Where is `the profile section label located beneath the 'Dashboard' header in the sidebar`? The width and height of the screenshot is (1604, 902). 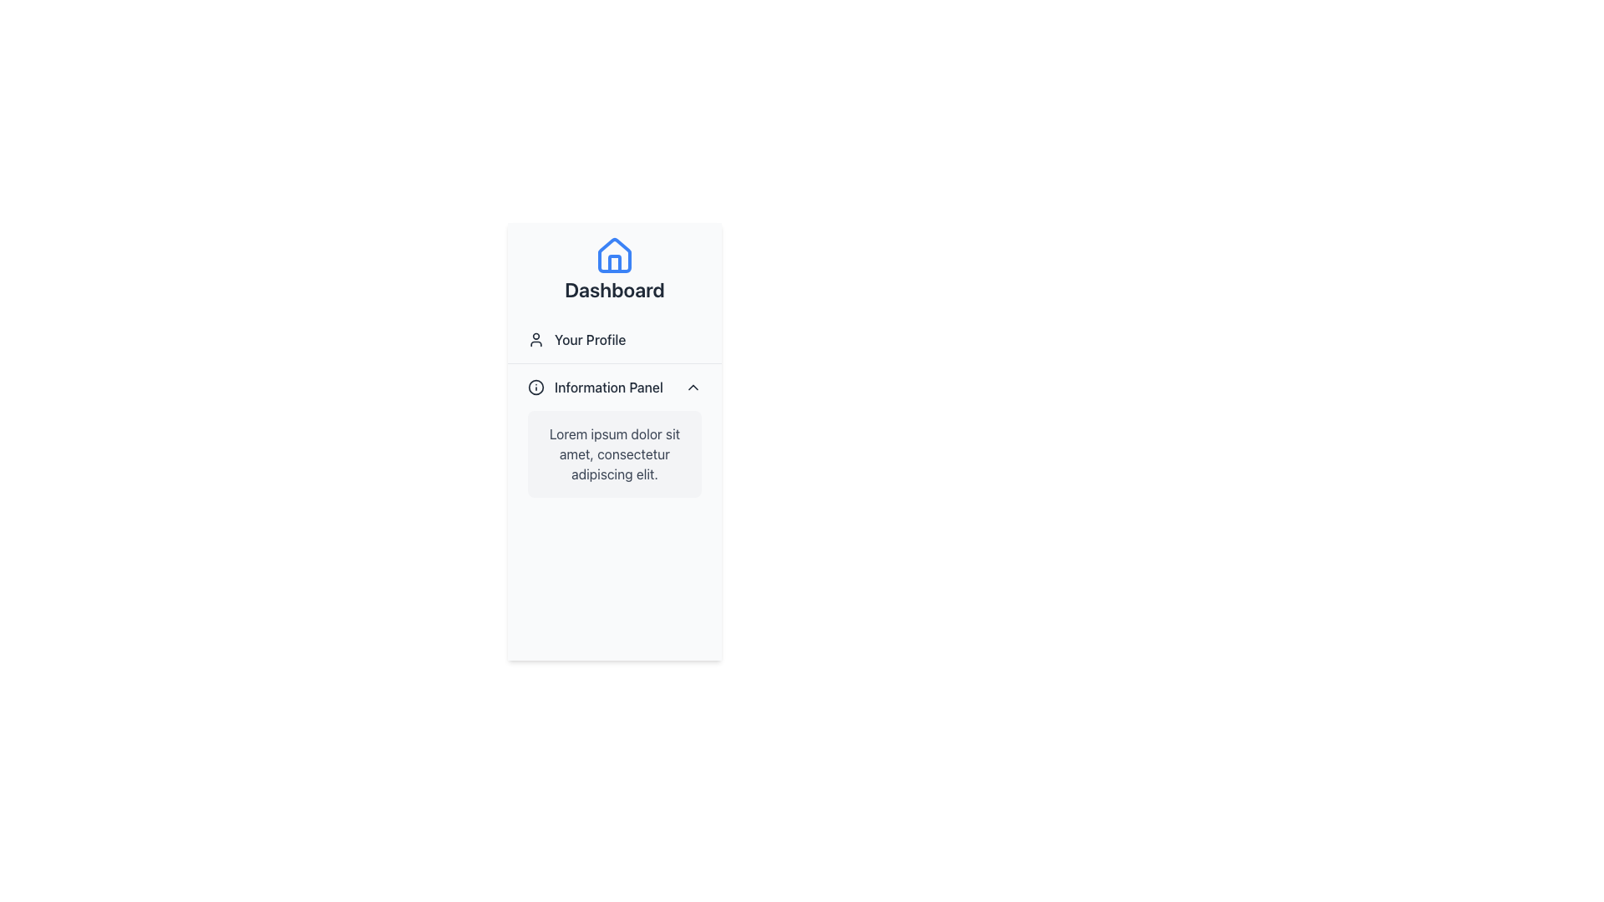 the profile section label located beneath the 'Dashboard' header in the sidebar is located at coordinates (590, 339).